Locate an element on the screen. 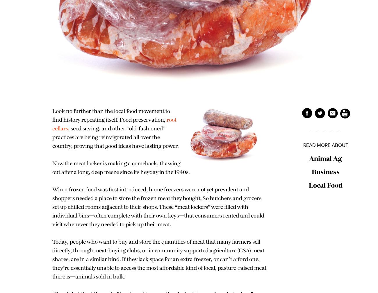 The height and width of the screenshot is (293, 378). 'Look no further than the local food movement to find history repeating itself. Food preservation,' is located at coordinates (52, 115).